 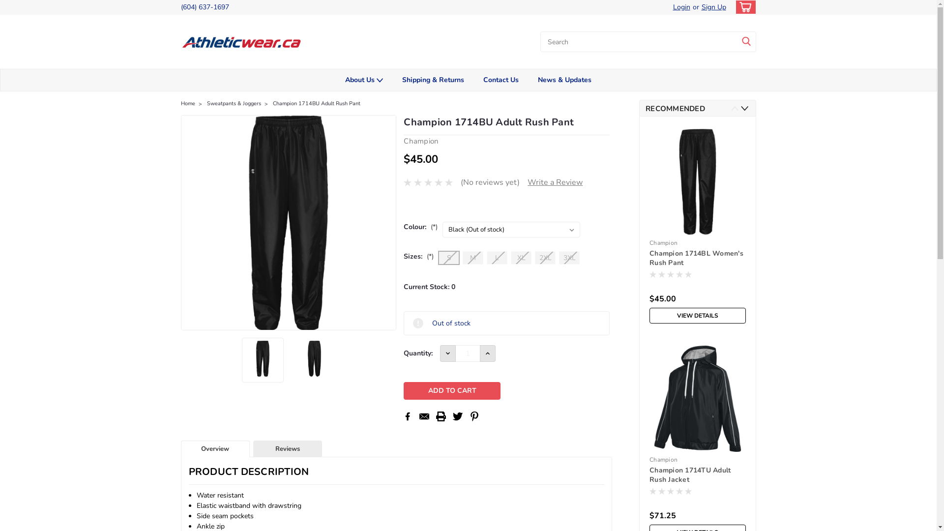 I want to click on 'Black - 1714BU Adult Rush Pant | Athleticwear.ca', so click(x=263, y=358).